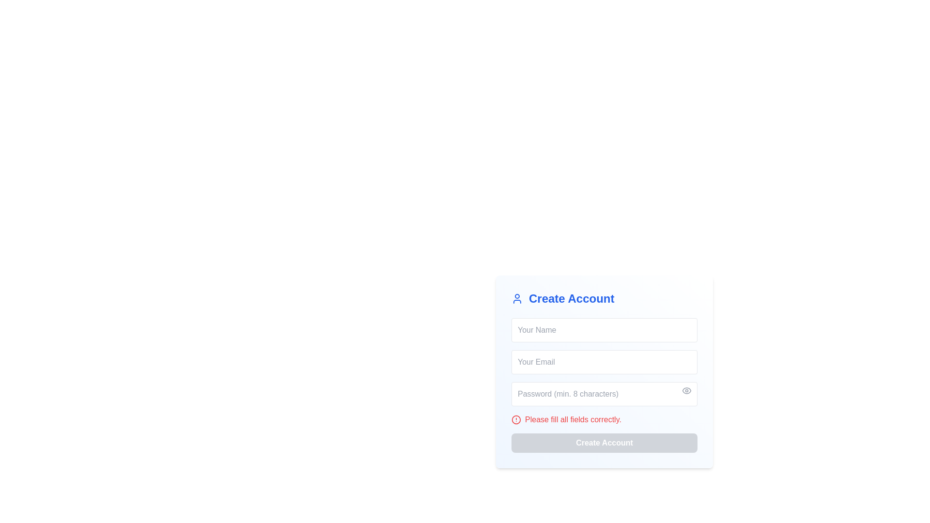 Image resolution: width=930 pixels, height=523 pixels. Describe the element at coordinates (517, 298) in the screenshot. I see `the decorative icon located to the left of the 'Create Account' title in the heading section of the form` at that location.